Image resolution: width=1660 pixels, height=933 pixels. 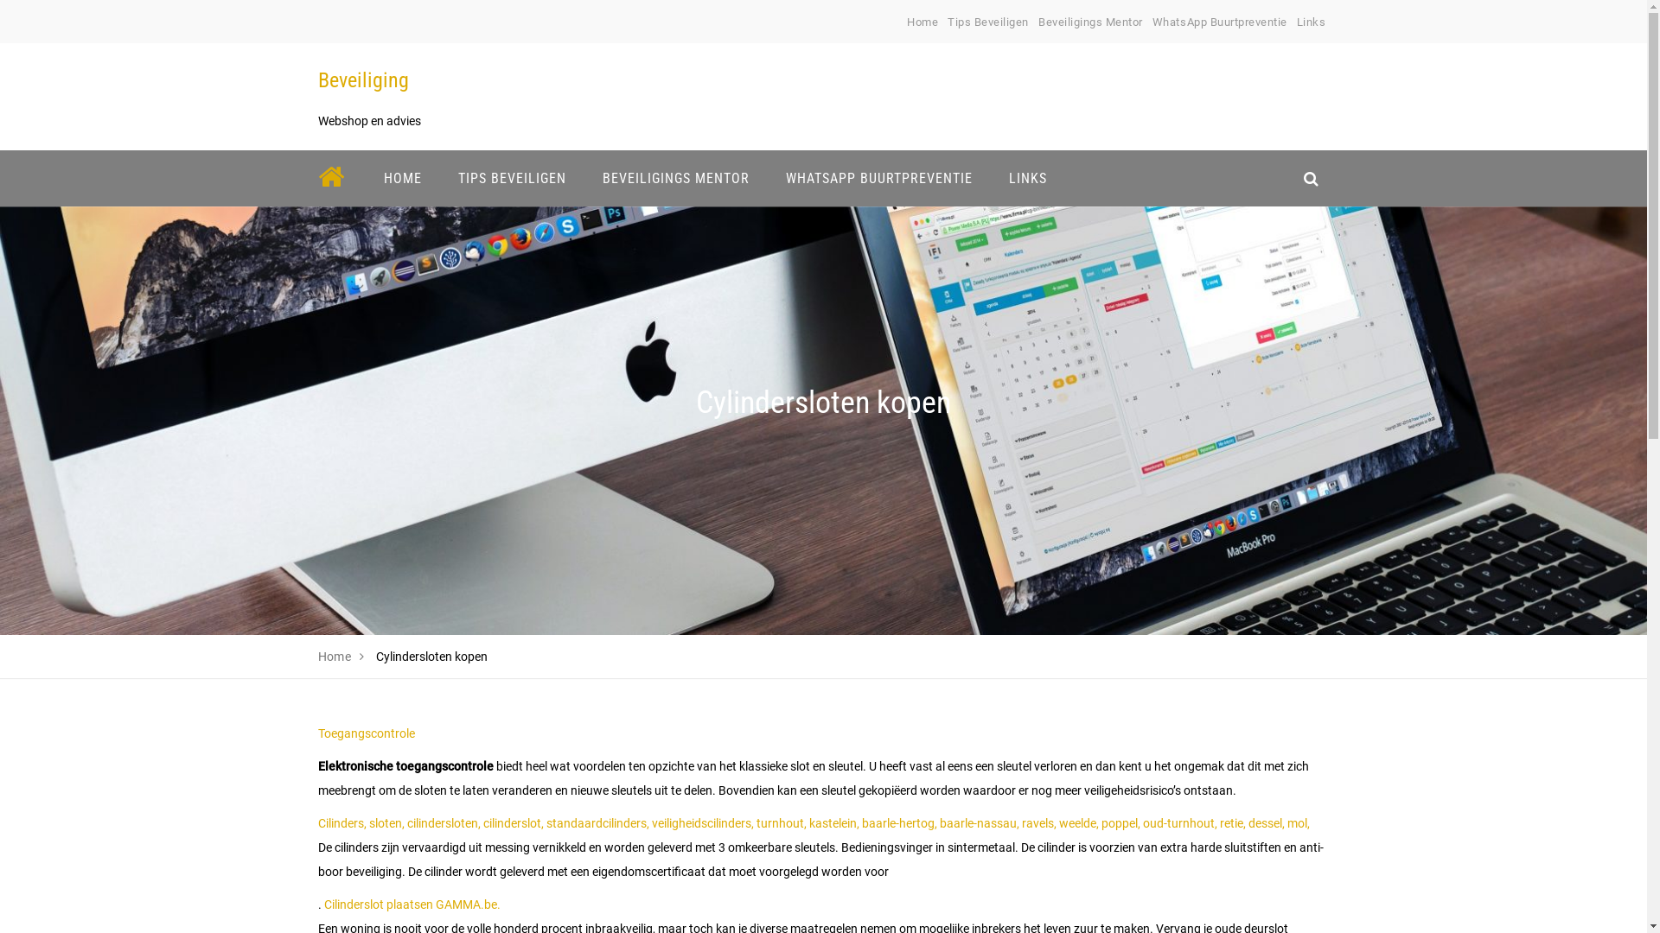 What do you see at coordinates (1089, 22) in the screenshot?
I see `'Beveiligings Mentor'` at bounding box center [1089, 22].